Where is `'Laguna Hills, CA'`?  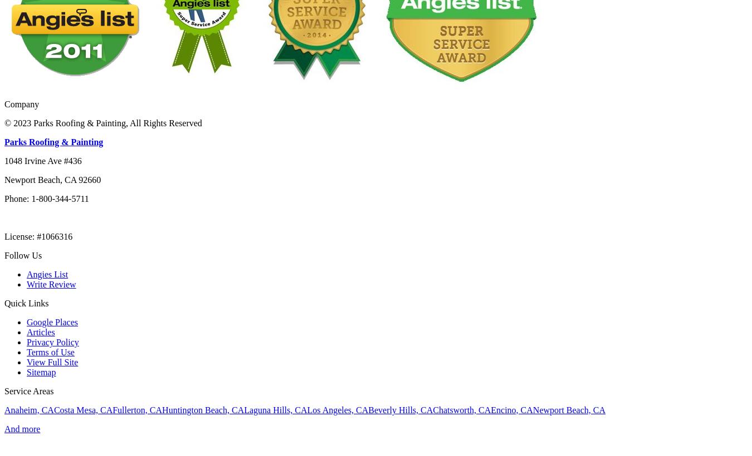
'Laguna Hills, CA' is located at coordinates (275, 409).